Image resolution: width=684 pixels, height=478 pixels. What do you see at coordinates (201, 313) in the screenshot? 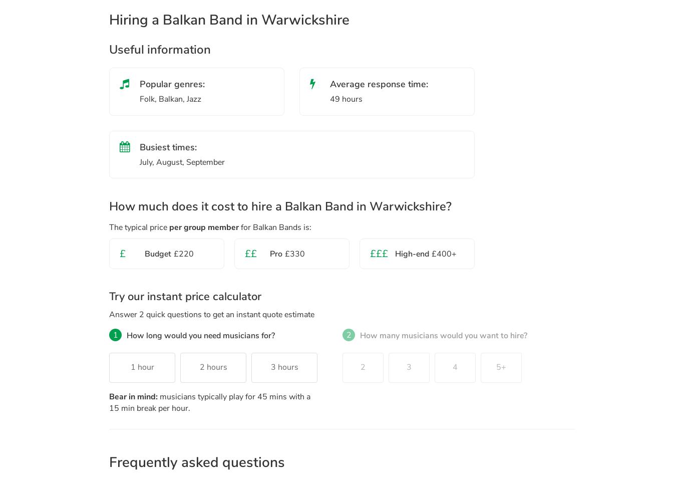
I see `'to get an instant quote estimate'` at bounding box center [201, 313].